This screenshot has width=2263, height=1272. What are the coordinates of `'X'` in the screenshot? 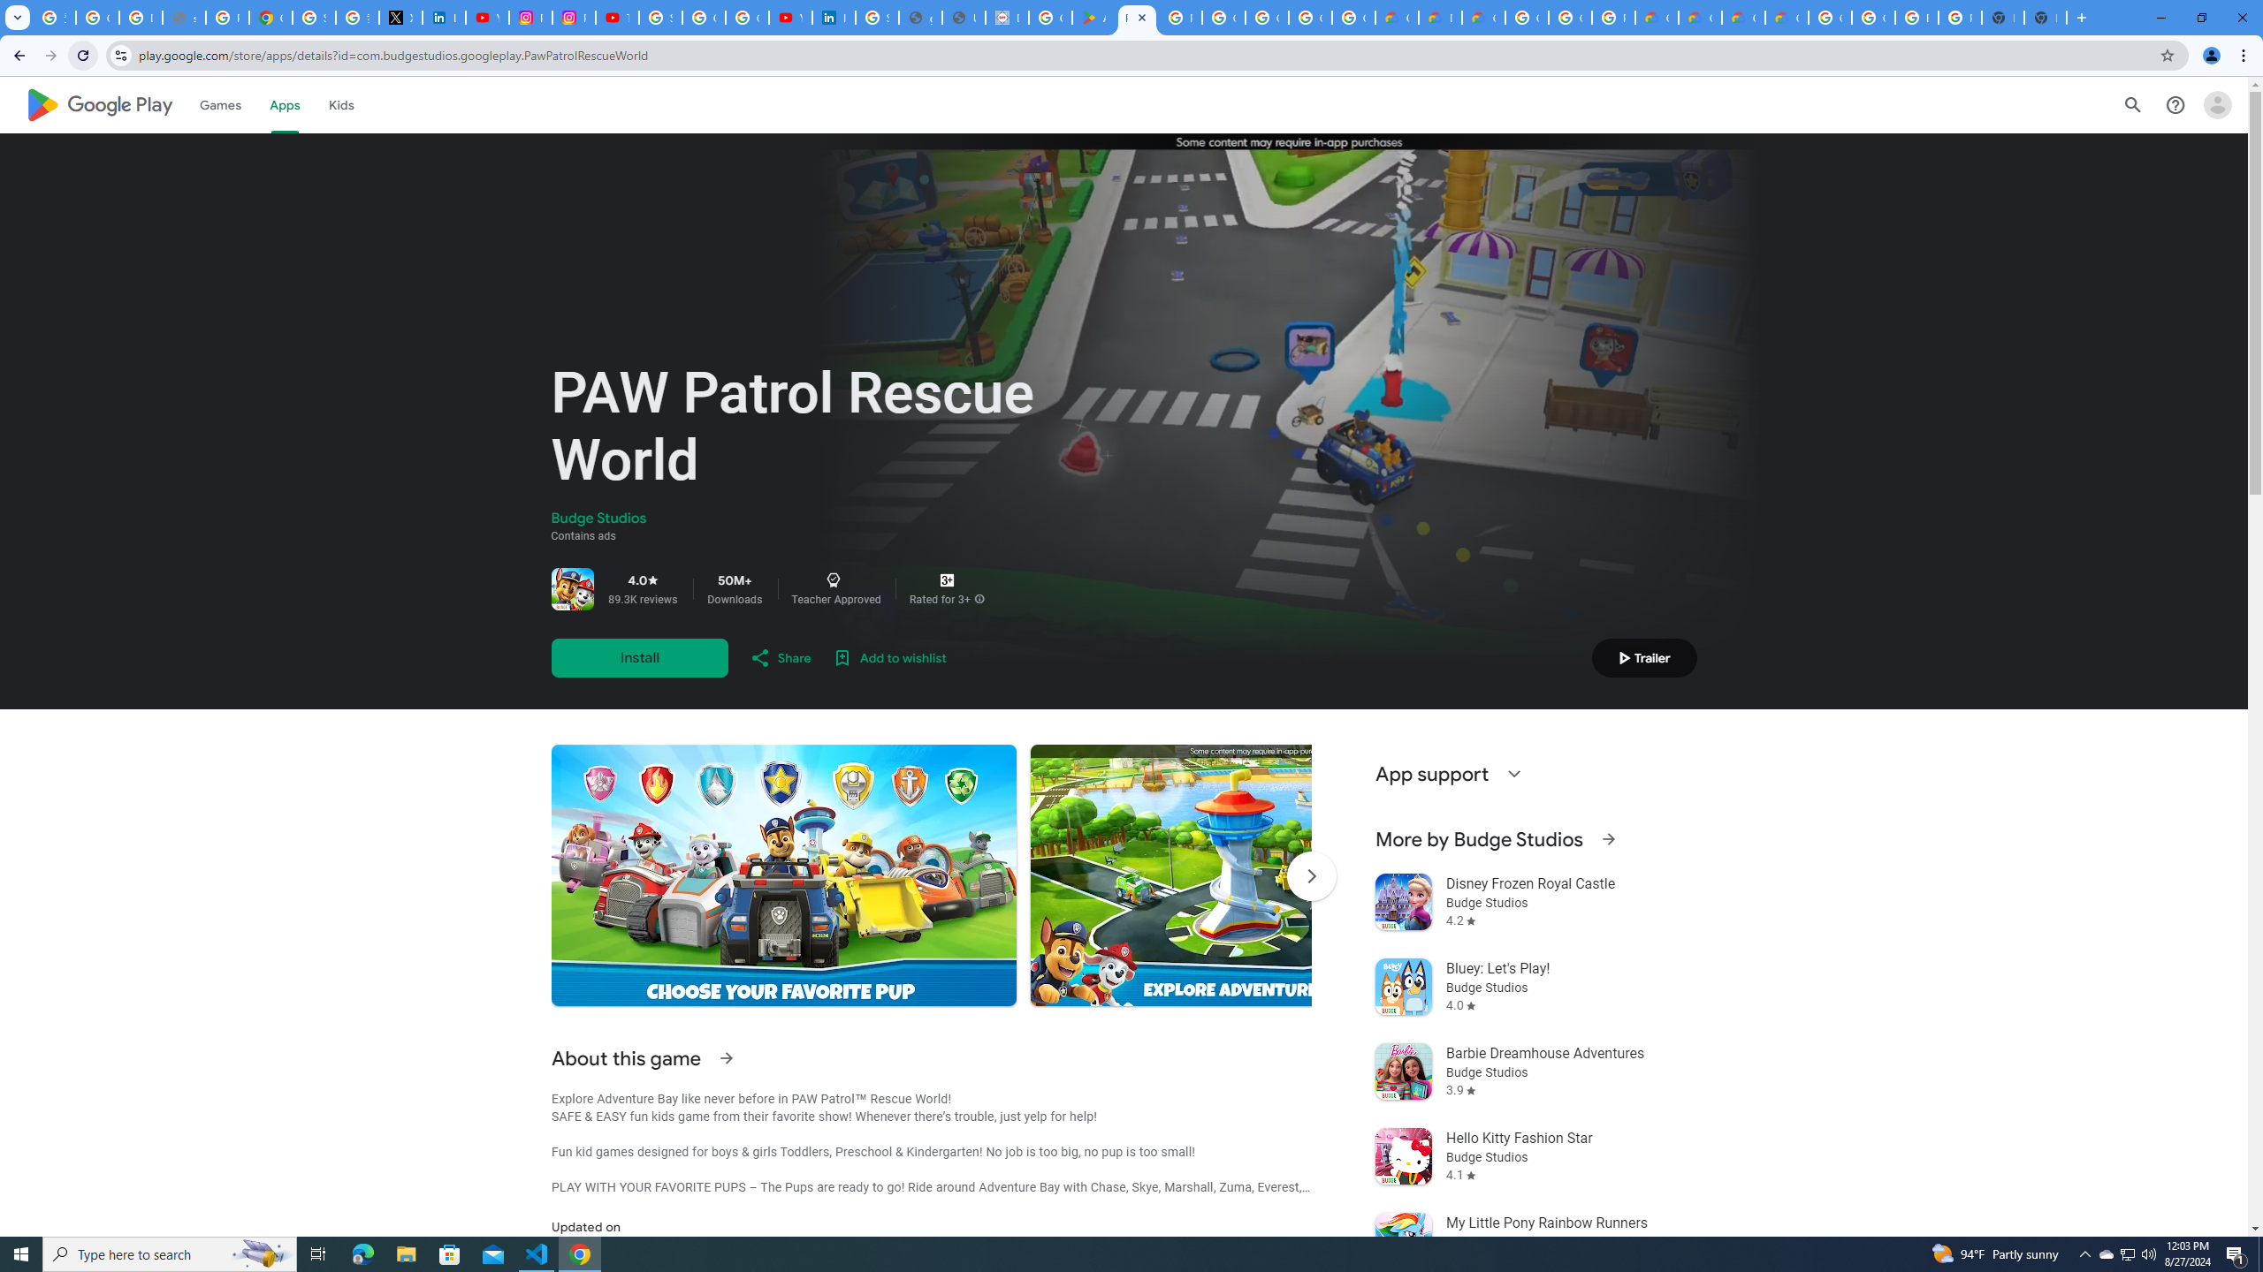 It's located at (400, 17).